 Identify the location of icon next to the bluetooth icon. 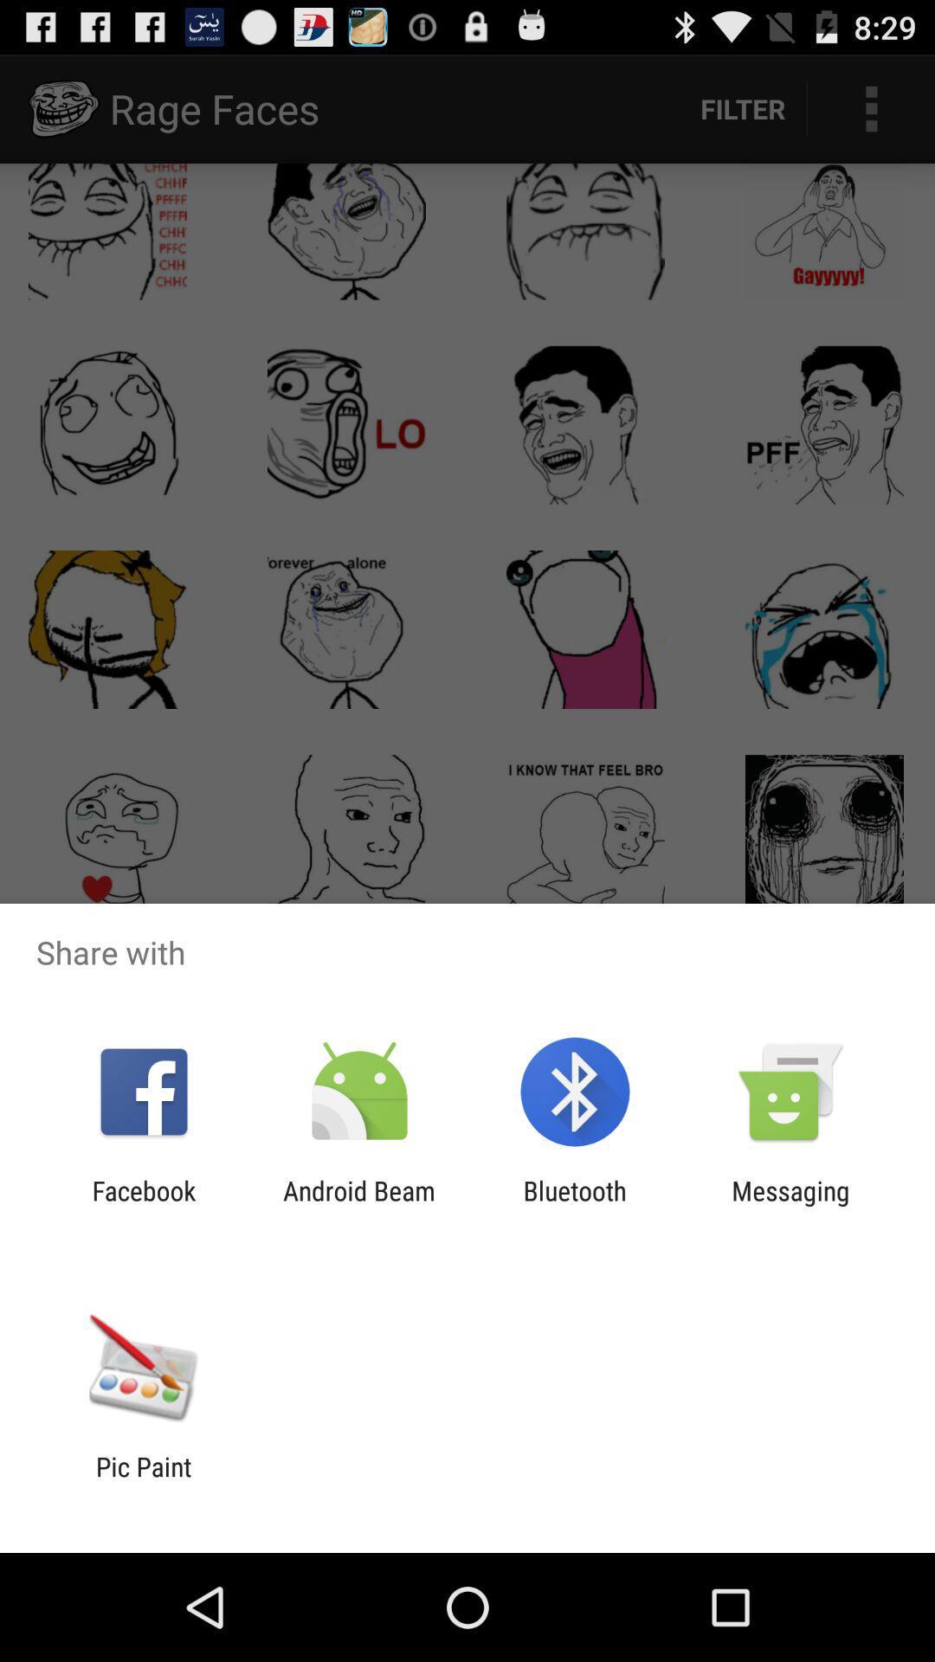
(790, 1205).